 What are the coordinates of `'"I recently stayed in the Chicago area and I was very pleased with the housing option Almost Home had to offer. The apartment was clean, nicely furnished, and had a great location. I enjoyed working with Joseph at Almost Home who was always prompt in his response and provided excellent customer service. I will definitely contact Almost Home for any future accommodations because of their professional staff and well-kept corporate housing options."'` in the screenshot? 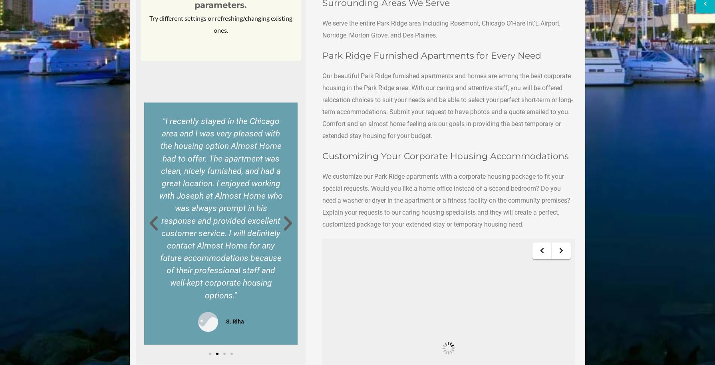 It's located at (159, 208).